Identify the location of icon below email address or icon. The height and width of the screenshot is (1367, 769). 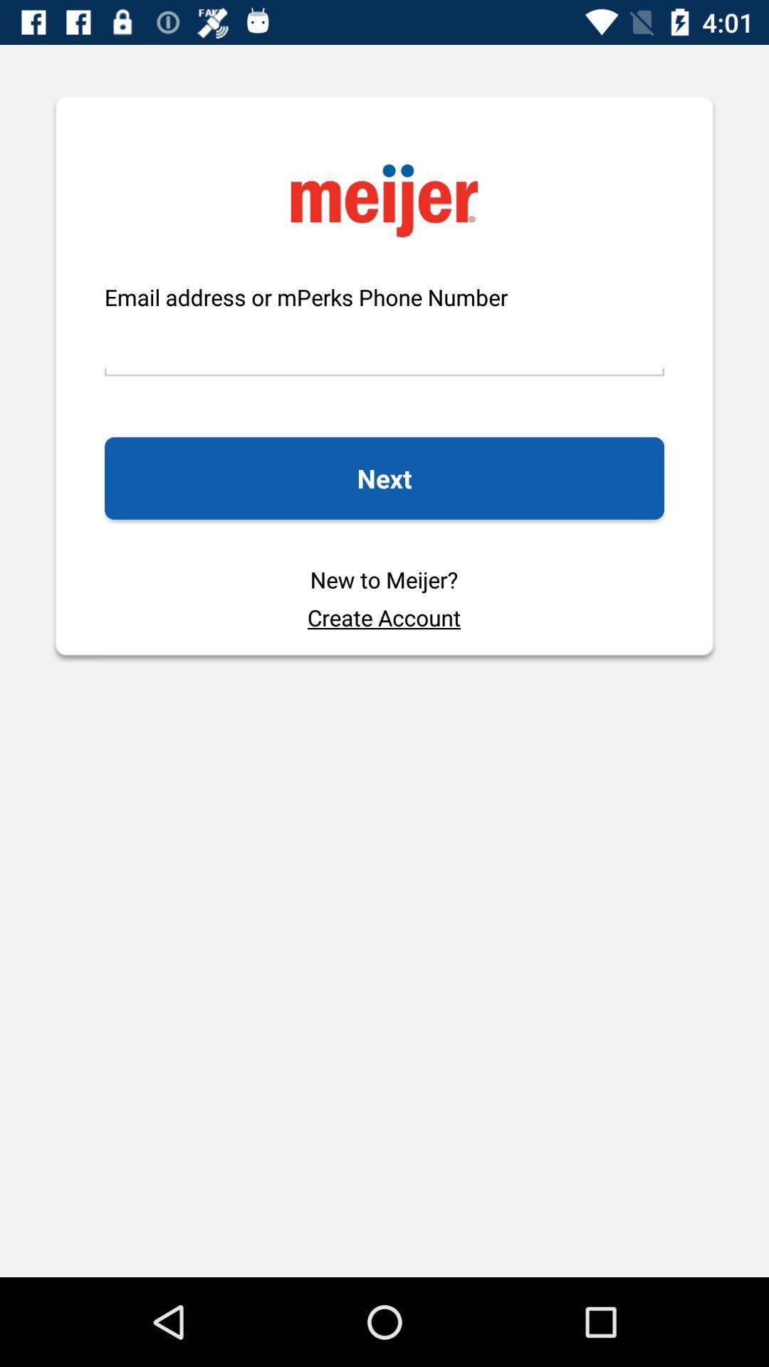
(384, 345).